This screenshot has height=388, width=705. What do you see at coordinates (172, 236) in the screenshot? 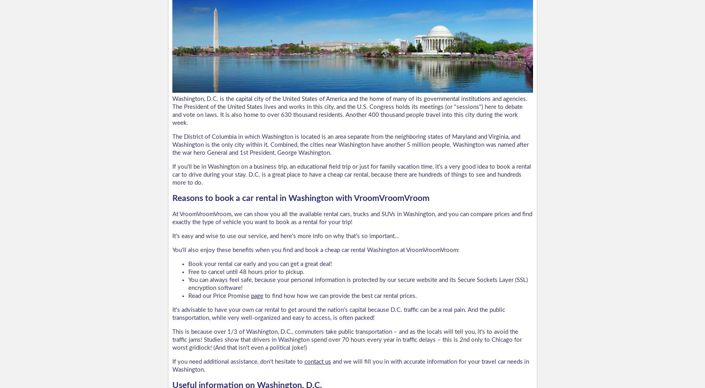
I see `'It's easy and wise to use our service, and here's more info on why that's so important…'` at bounding box center [172, 236].